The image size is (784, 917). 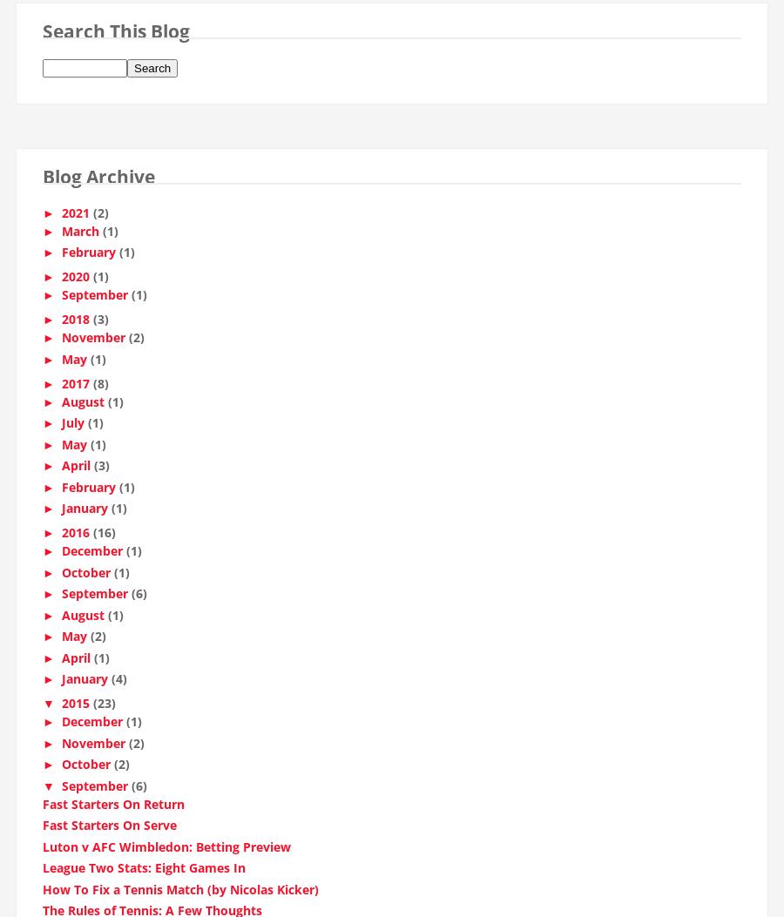 What do you see at coordinates (76, 218) in the screenshot?
I see `'2021'` at bounding box center [76, 218].